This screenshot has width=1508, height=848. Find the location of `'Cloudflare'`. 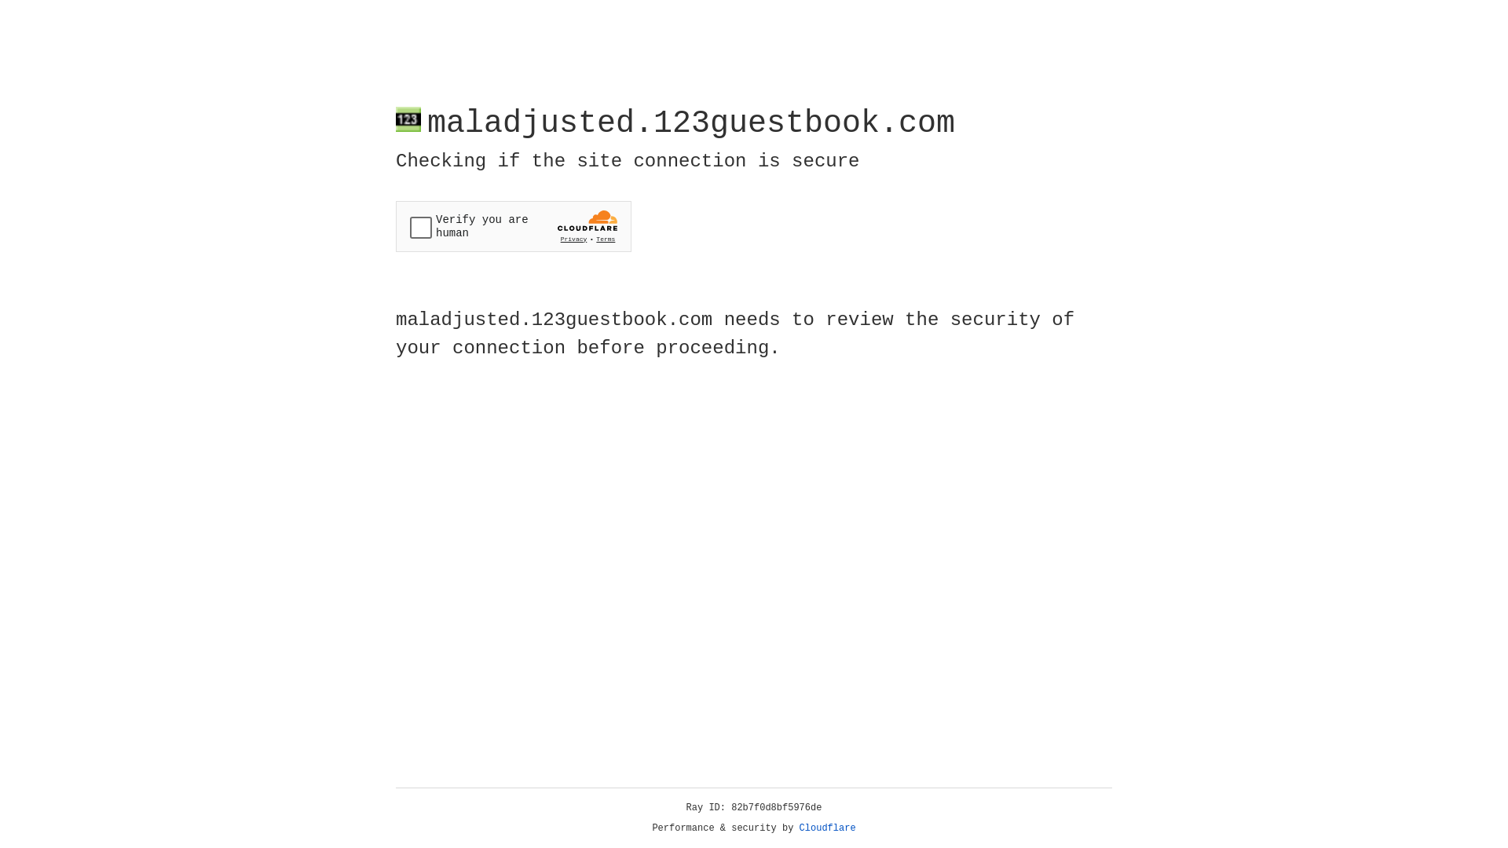

'Cloudflare' is located at coordinates (827, 828).